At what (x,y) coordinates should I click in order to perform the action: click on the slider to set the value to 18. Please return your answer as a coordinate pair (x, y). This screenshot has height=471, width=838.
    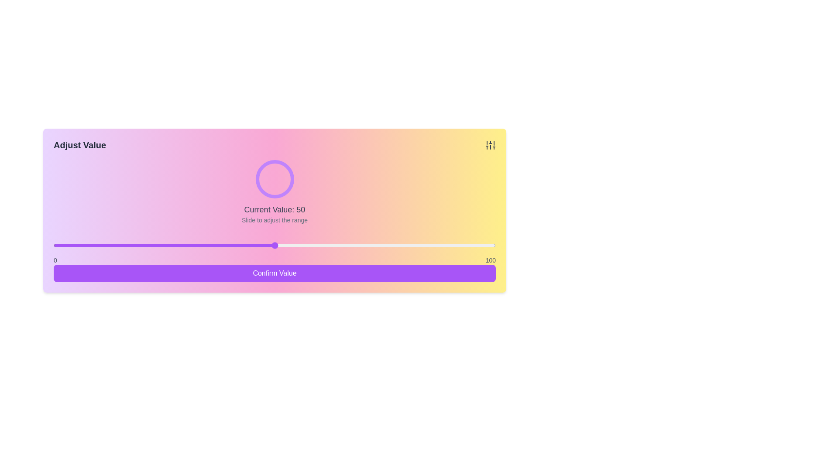
    Looking at the image, I should click on (133, 246).